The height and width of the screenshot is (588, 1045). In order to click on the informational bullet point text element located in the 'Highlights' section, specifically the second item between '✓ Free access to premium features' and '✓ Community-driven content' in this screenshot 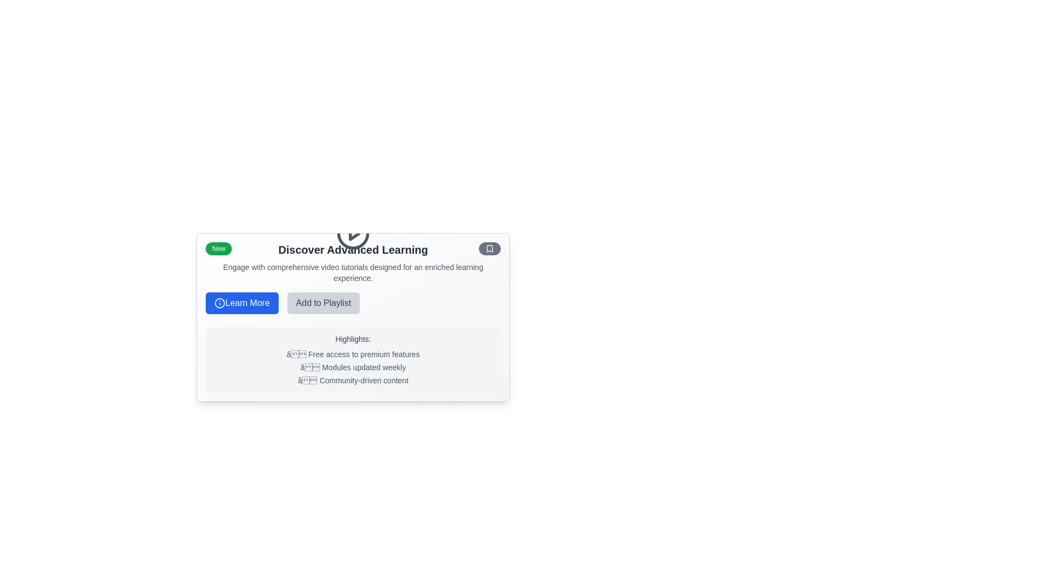, I will do `click(353, 367)`.